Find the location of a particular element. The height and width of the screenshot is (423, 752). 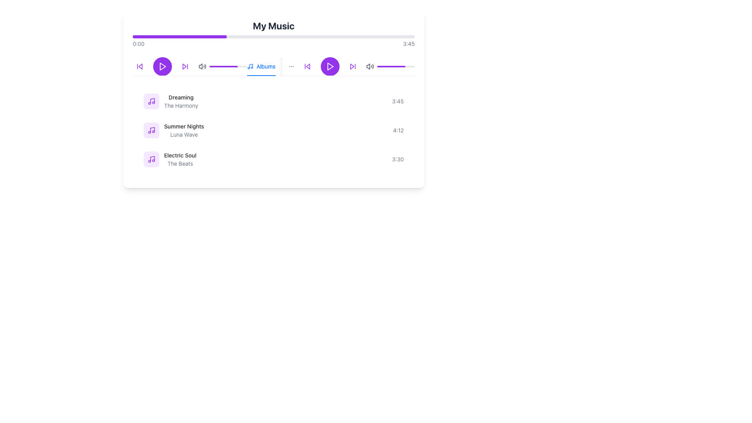

the play/pause button located centrally among the media control buttons is located at coordinates (162, 66).